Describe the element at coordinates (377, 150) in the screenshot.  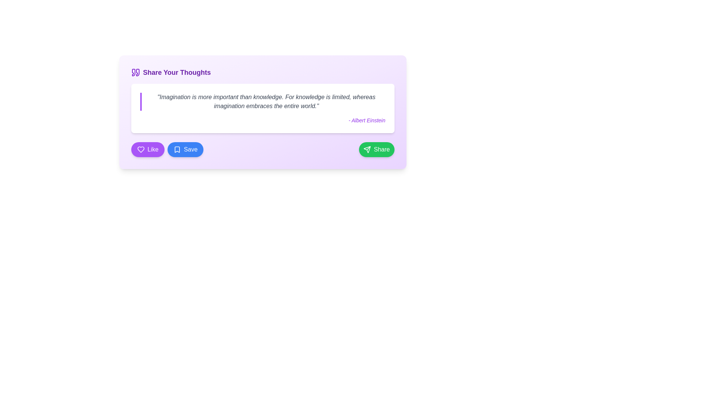
I see `the 'Share' button, which has a green background, white text, and an icon on the left` at that location.